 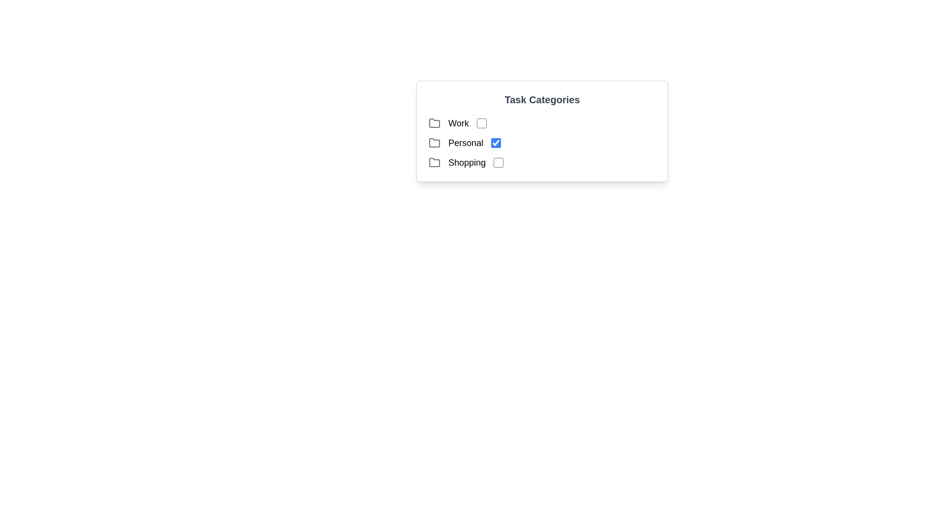 I want to click on the text label 'Work' which is positioned between a folder icon and a checkbox under the 'Task Categories' section, so click(x=458, y=122).